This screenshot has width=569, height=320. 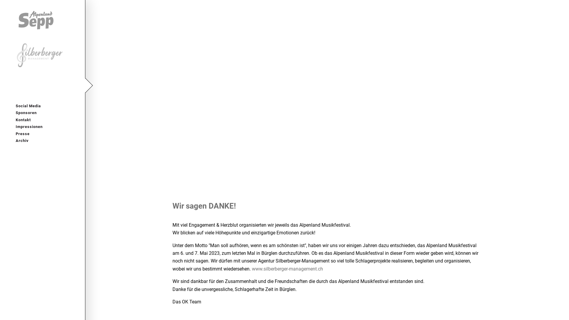 What do you see at coordinates (40, 19) in the screenshot?
I see `'Alpenland Sepp'` at bounding box center [40, 19].